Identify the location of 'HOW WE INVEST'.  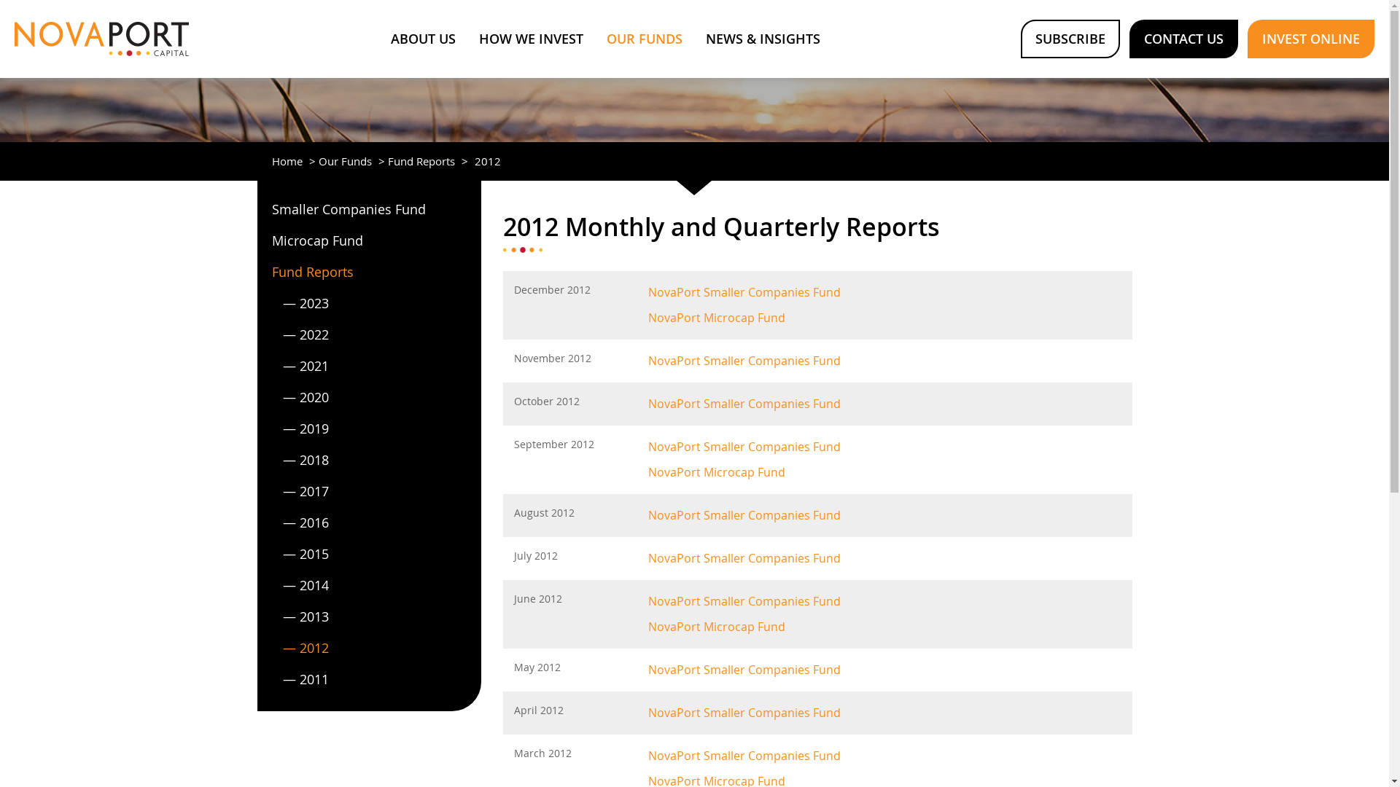
(530, 38).